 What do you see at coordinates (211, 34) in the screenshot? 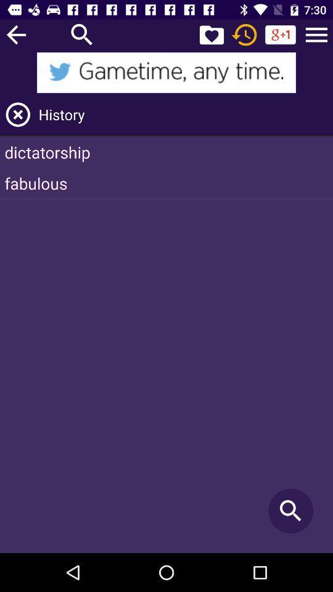
I see `put in favorites` at bounding box center [211, 34].